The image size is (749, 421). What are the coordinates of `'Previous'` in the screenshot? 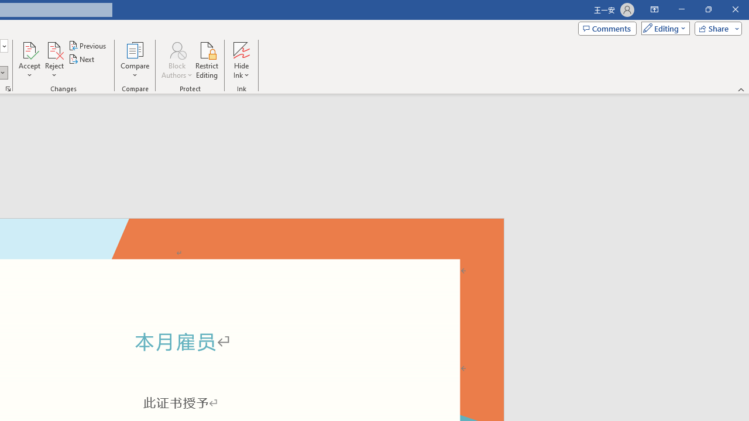 It's located at (88, 45).